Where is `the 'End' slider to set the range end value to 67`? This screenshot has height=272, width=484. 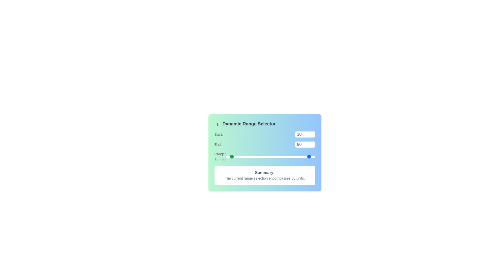
the 'End' slider to set the range end value to 67 is located at coordinates (300, 156).